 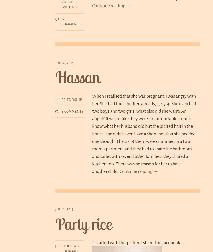 What do you see at coordinates (70, 2) in the screenshot?
I see `'Vultures'` at bounding box center [70, 2].